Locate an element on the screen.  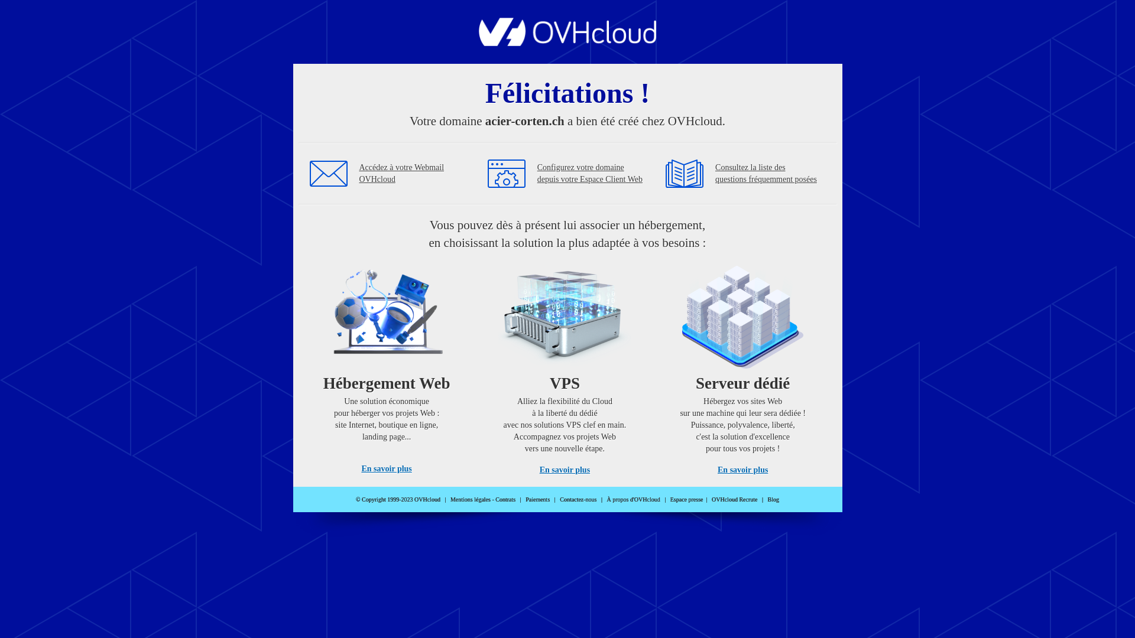
'Configurez votre domaine is located at coordinates (590, 173).